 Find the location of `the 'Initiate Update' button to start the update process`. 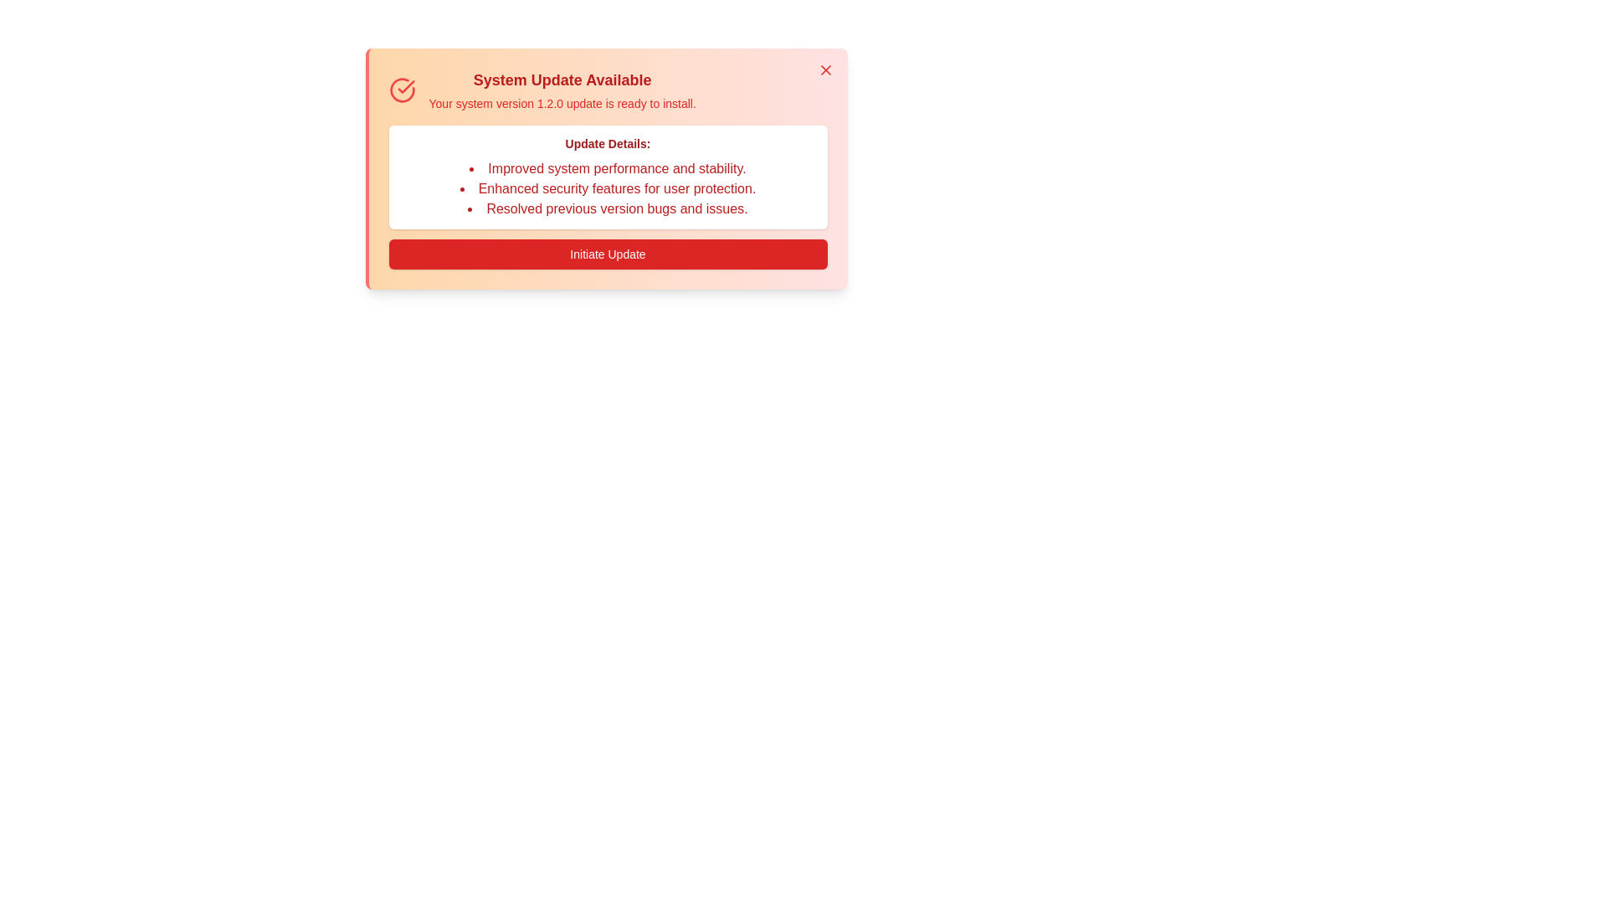

the 'Initiate Update' button to start the update process is located at coordinates (607, 254).